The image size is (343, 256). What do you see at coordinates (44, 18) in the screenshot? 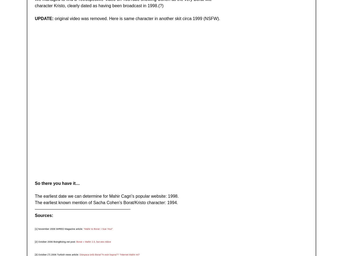
I see `'UPDATE:'` at bounding box center [44, 18].